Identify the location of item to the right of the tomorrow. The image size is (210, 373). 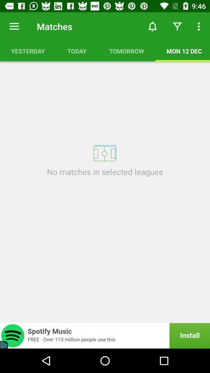
(182, 51).